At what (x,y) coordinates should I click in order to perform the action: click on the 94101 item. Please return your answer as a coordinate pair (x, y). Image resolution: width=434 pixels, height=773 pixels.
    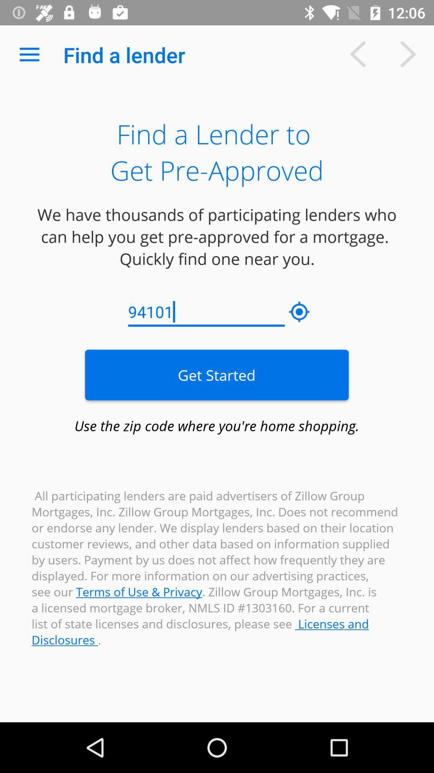
    Looking at the image, I should click on (206, 312).